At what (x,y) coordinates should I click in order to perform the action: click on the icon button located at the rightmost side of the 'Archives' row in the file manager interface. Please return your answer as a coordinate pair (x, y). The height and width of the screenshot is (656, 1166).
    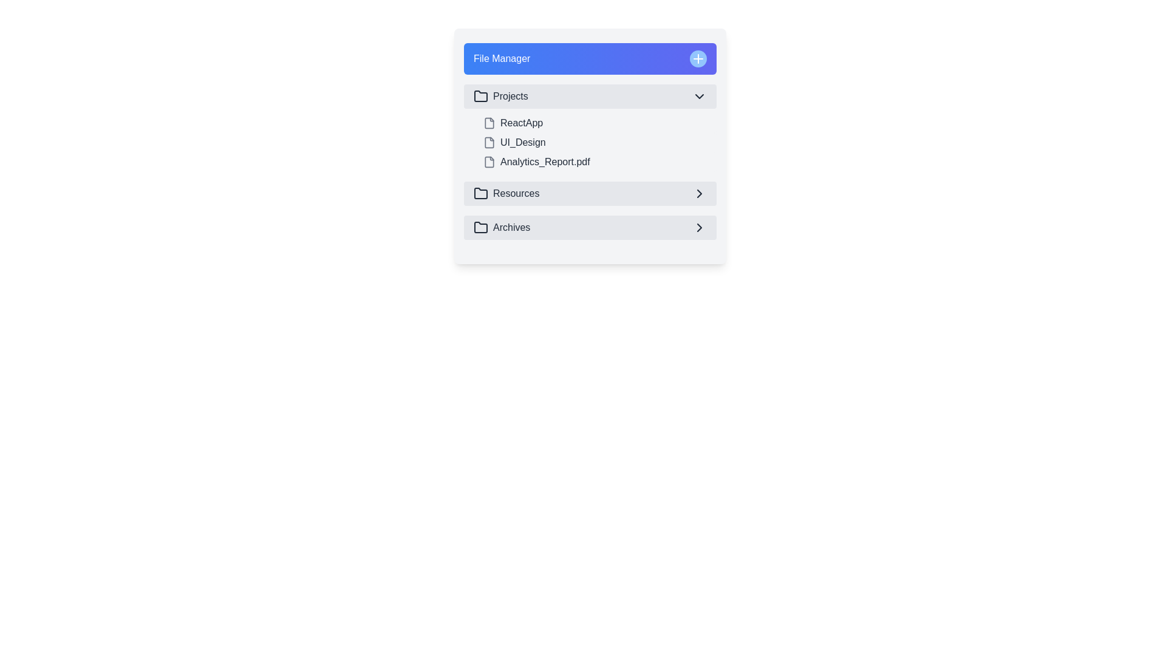
    Looking at the image, I should click on (700, 227).